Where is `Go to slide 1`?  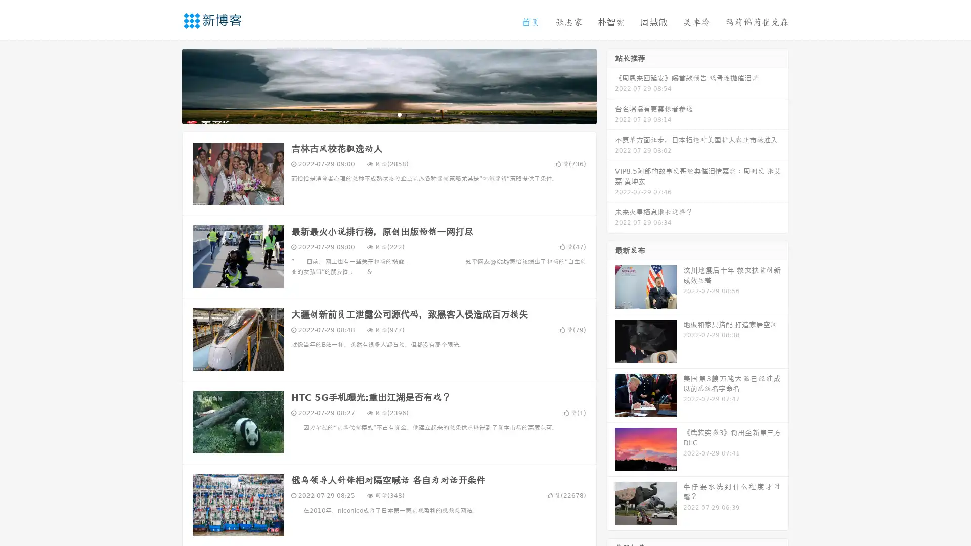
Go to slide 1 is located at coordinates (378, 114).